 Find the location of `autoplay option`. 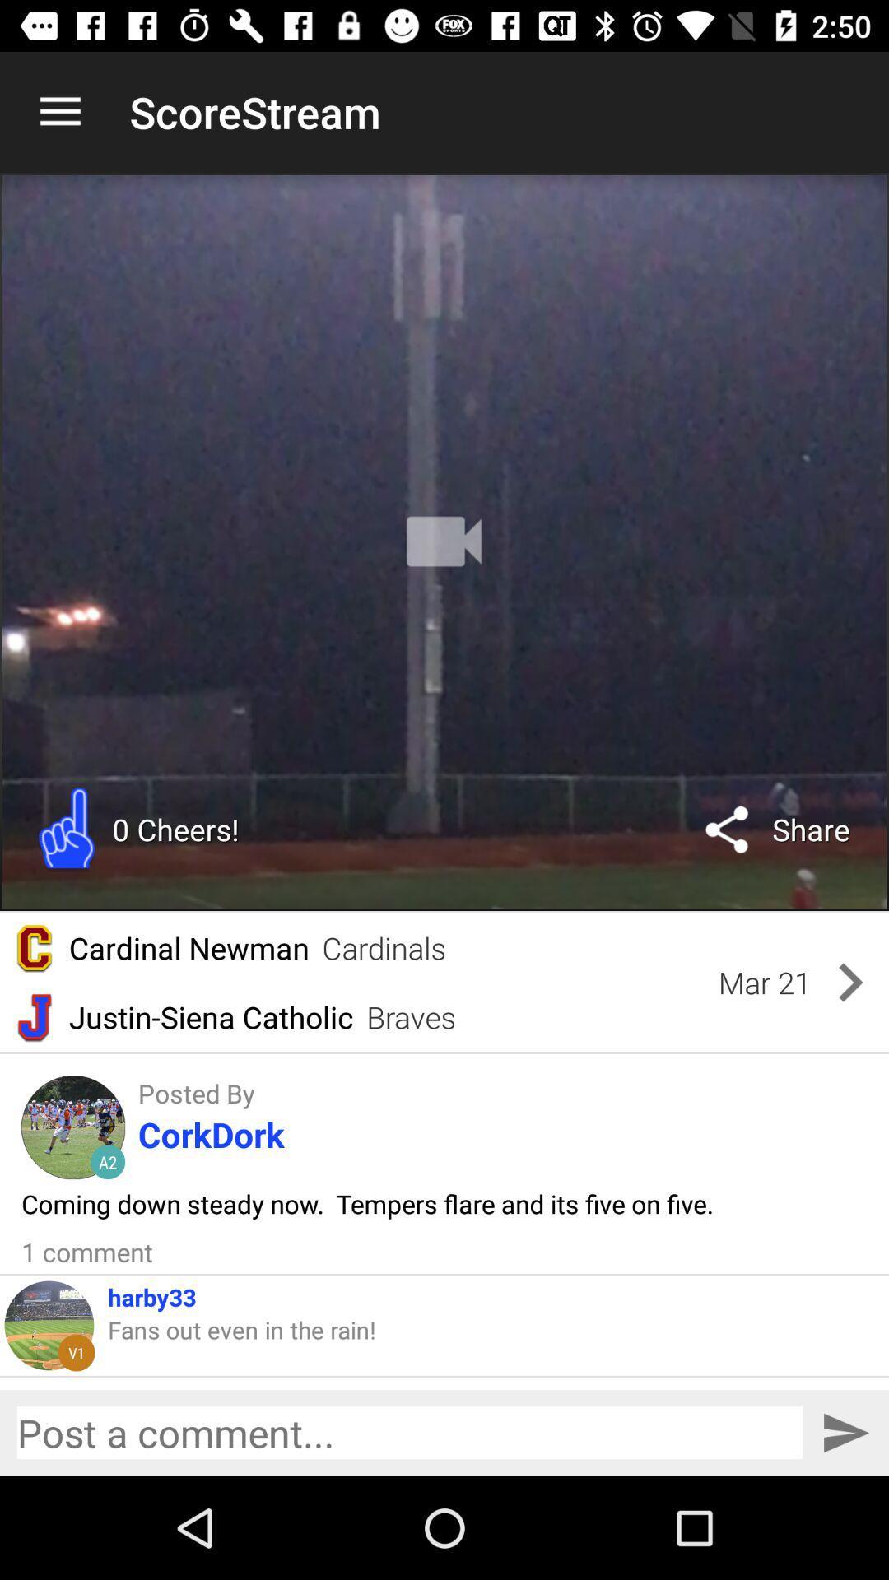

autoplay option is located at coordinates (444, 541).